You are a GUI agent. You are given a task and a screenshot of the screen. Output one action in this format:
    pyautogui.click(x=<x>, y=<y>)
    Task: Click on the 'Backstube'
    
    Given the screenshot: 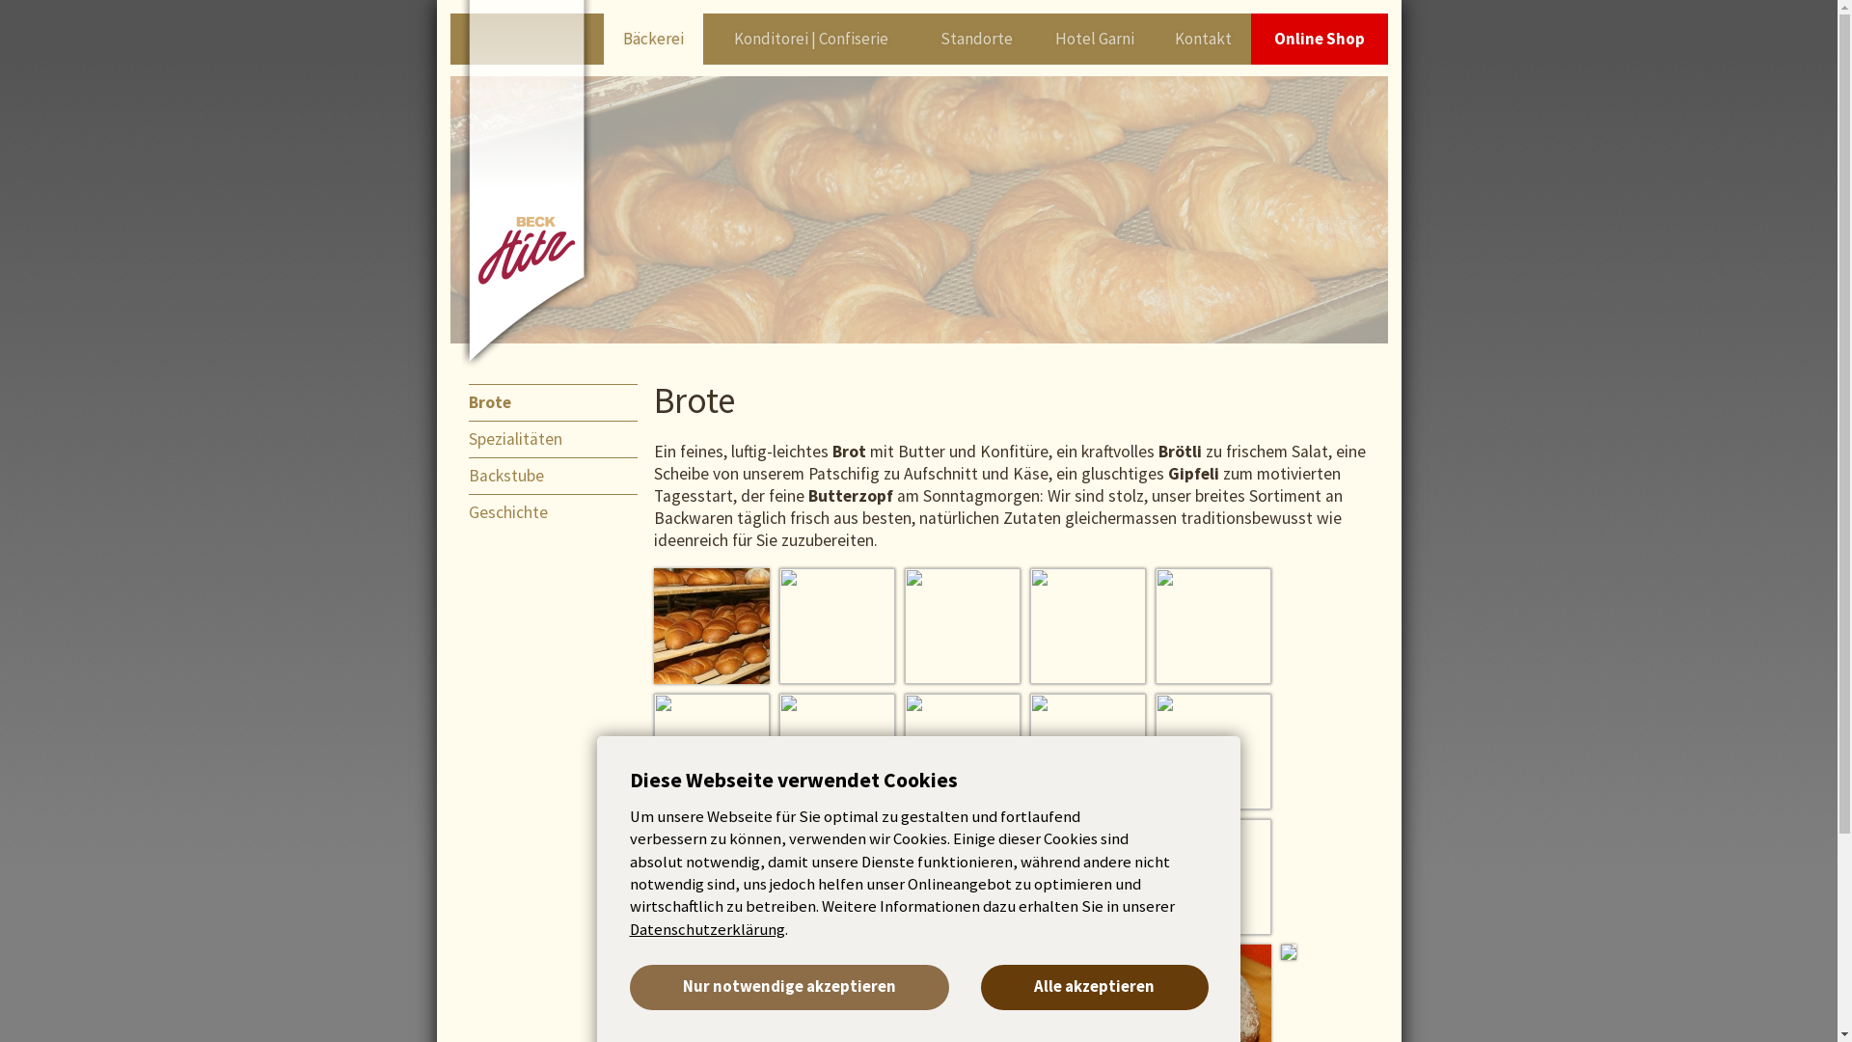 What is the action you would take?
    pyautogui.click(x=468, y=476)
    